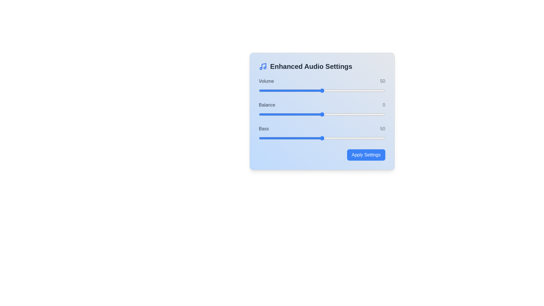 This screenshot has width=544, height=306. What do you see at coordinates (357, 138) in the screenshot?
I see `the bass slider to 78 percent` at bounding box center [357, 138].